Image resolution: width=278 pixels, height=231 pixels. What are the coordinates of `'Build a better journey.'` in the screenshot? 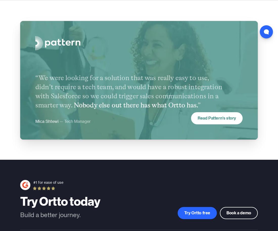 It's located at (50, 214).